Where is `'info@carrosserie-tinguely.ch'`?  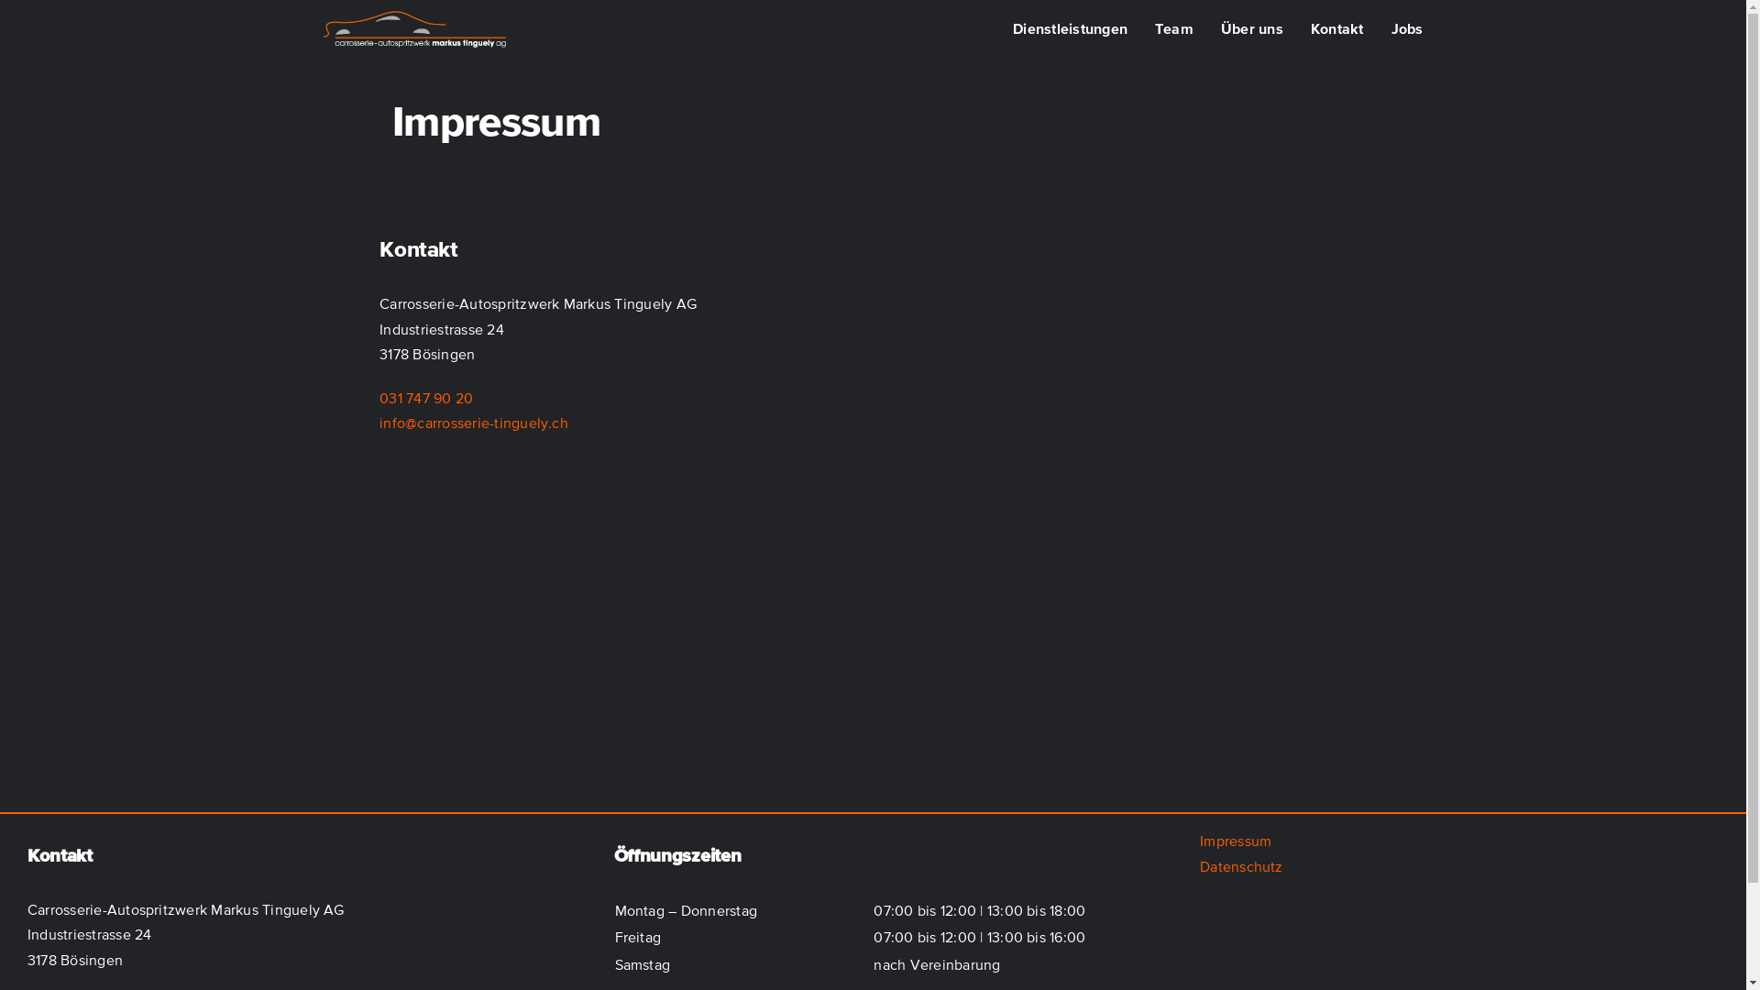 'info@carrosserie-tinguely.ch' is located at coordinates (378, 423).